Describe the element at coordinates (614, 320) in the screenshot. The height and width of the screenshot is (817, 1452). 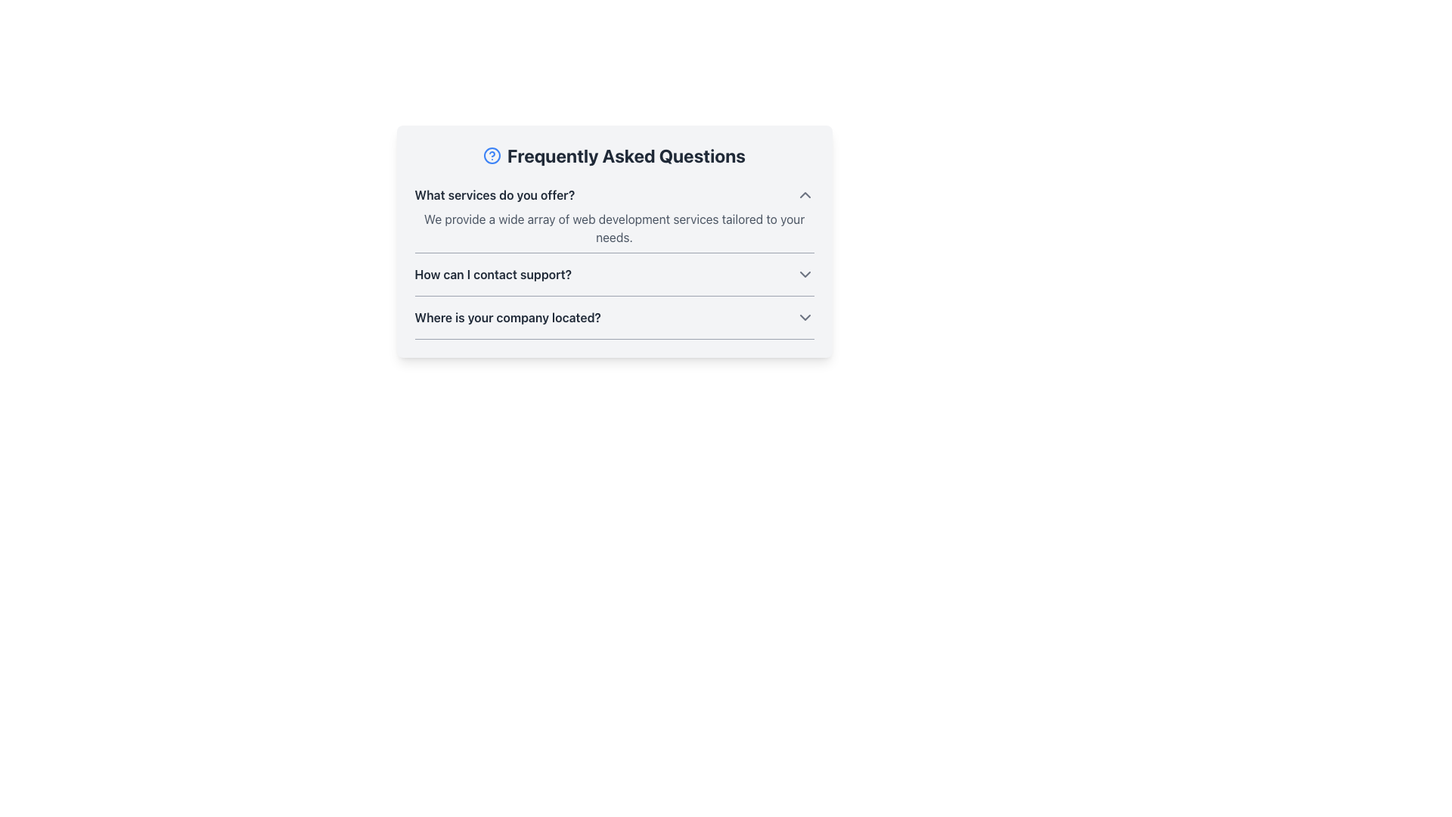
I see `the interactive FAQ question row displaying the question 'Where is your company located?'` at that location.